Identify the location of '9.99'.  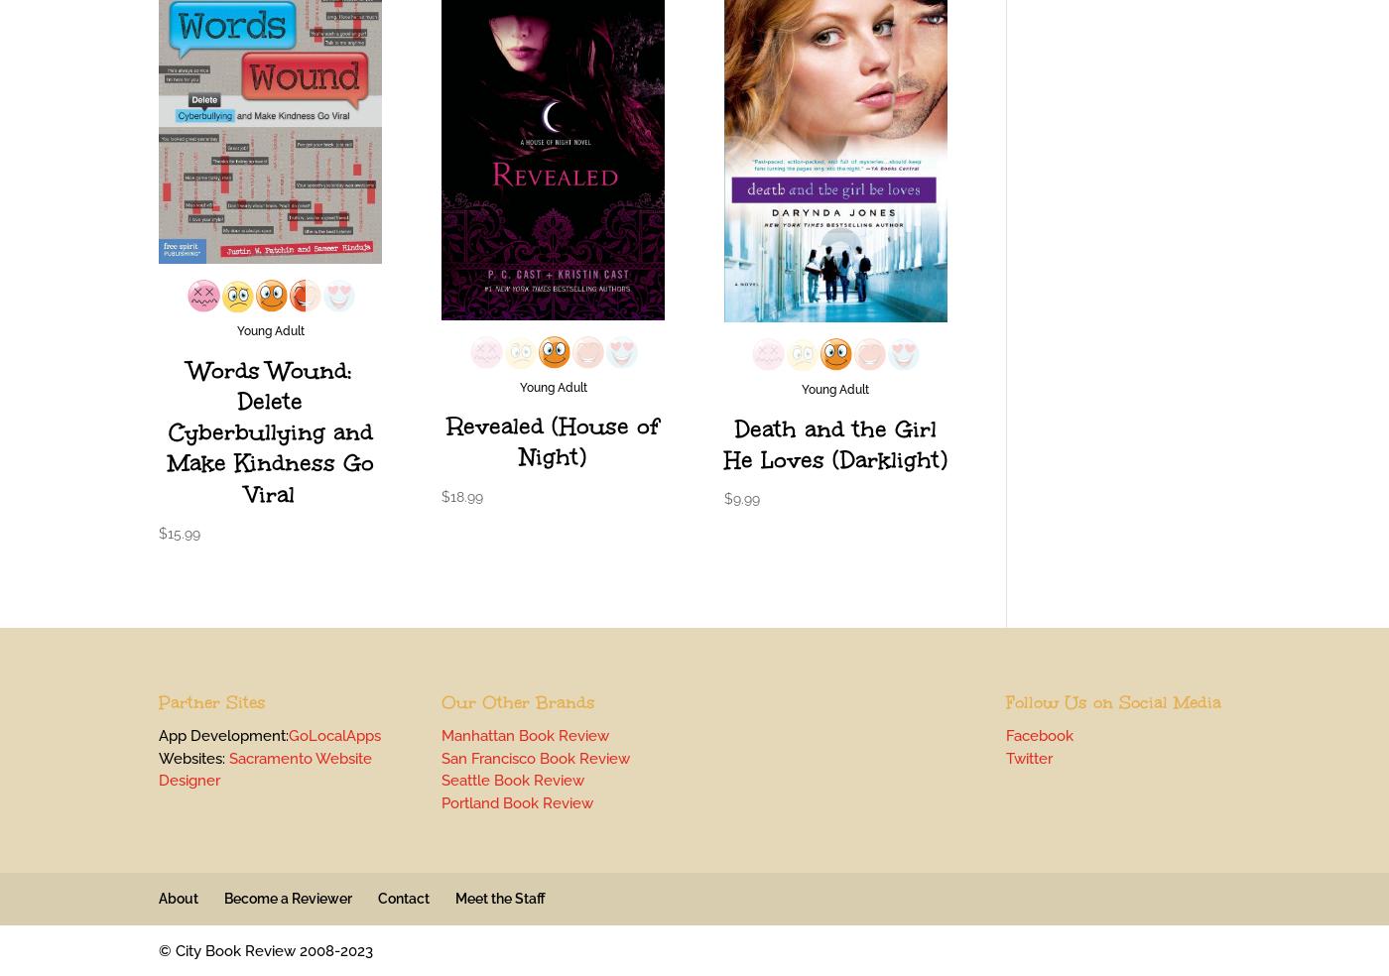
(745, 497).